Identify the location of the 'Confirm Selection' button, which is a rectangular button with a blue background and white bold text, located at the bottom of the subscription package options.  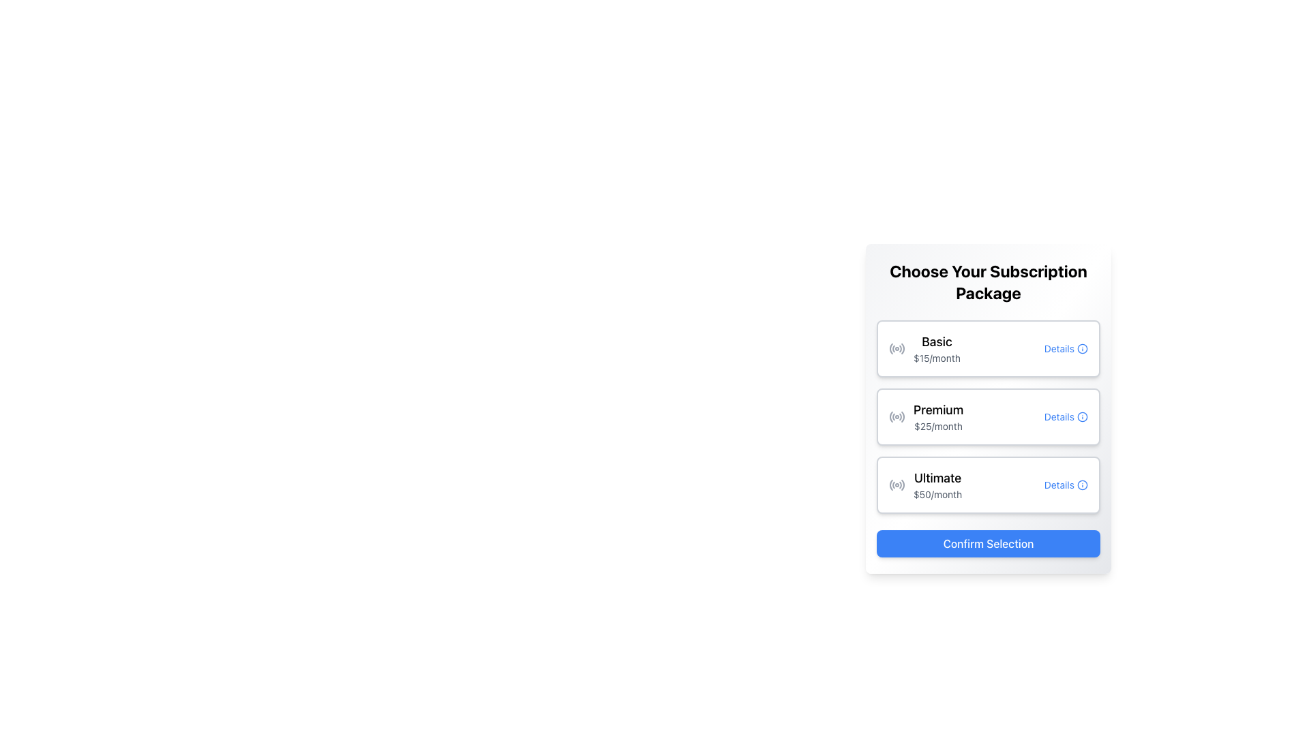
(988, 543).